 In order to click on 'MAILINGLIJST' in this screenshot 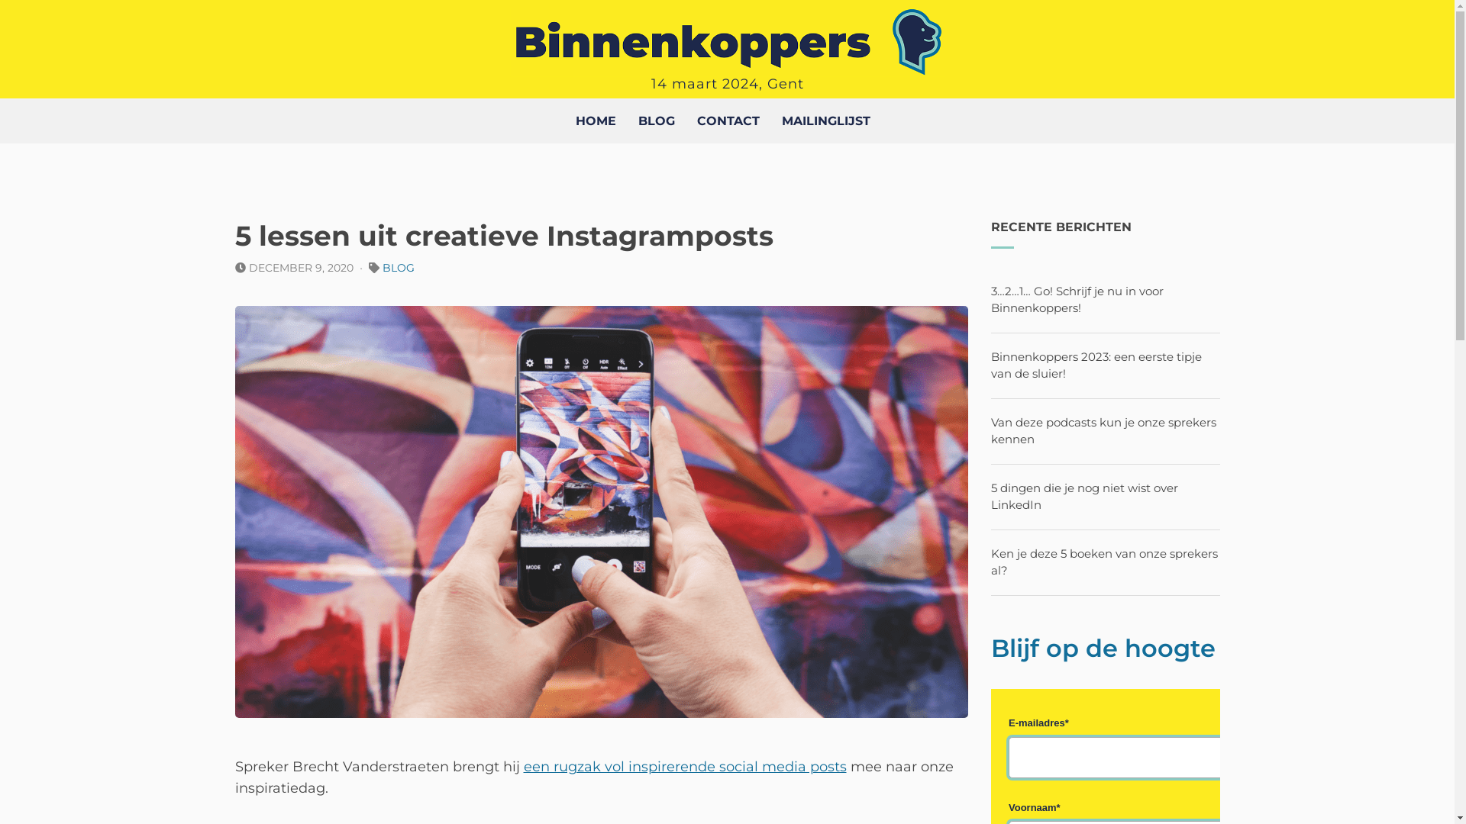, I will do `click(825, 120)`.